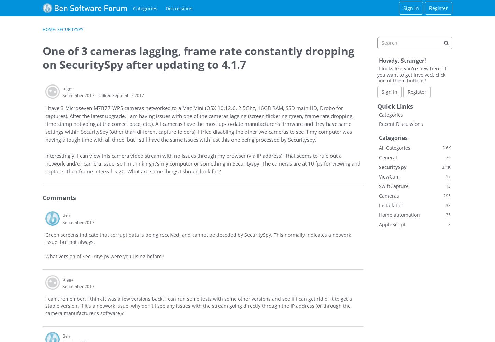 The width and height of the screenshot is (495, 342). Describe the element at coordinates (447, 148) in the screenshot. I see `'3.6K'` at that location.